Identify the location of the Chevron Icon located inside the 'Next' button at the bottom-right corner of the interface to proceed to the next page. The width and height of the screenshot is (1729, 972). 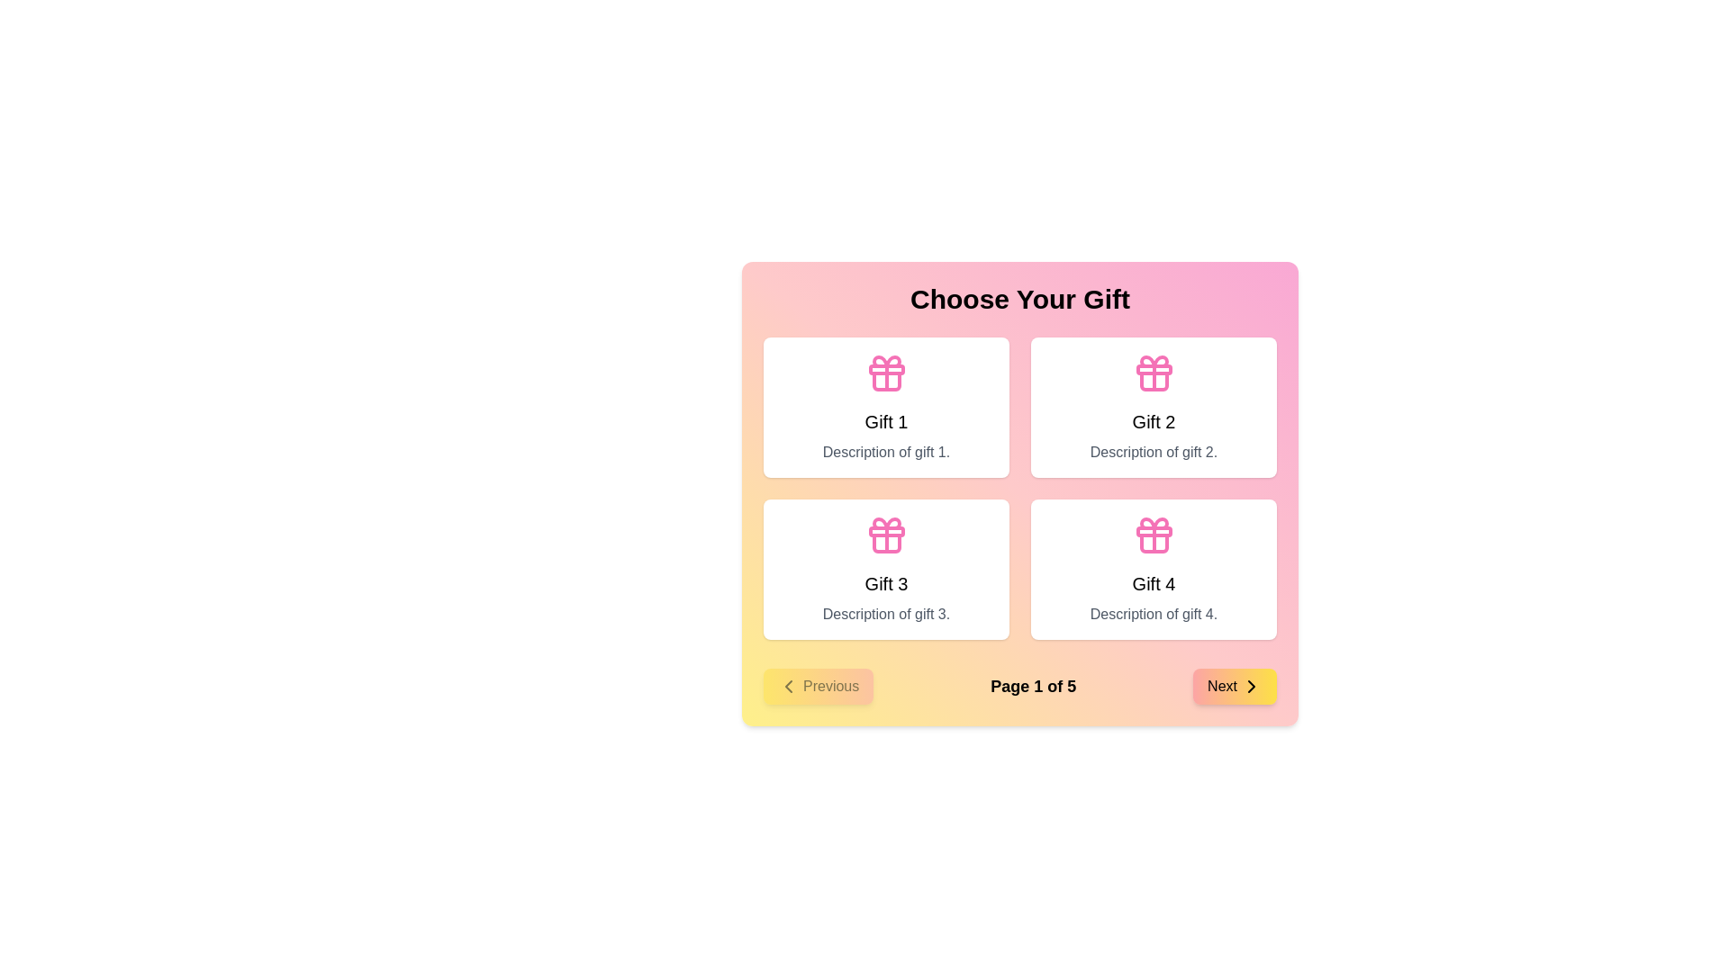
(1251, 687).